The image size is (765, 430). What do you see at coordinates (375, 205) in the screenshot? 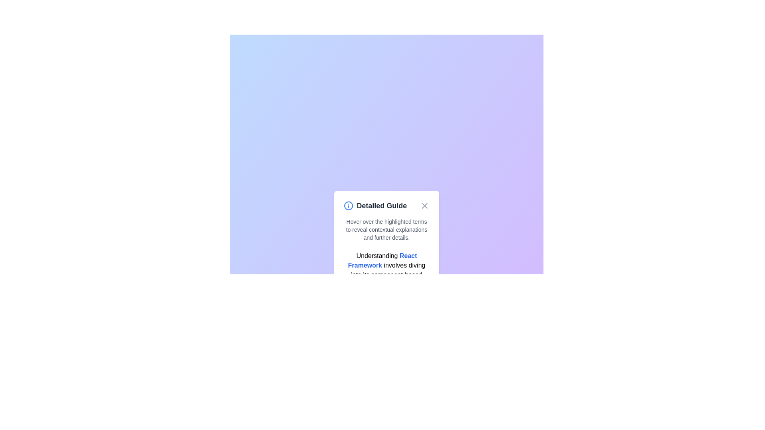
I see `the Text Label which serves as the title of the information card, located in the upper section of the card, adjacent to a blue circular icon on the left and a close button on the right` at bounding box center [375, 205].